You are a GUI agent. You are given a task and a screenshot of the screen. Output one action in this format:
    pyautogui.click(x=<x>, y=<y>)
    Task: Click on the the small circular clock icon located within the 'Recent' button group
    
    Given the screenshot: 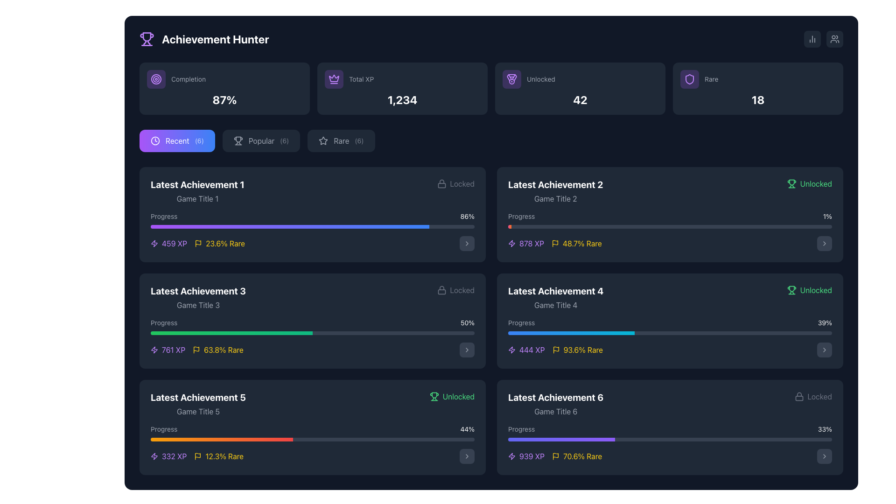 What is the action you would take?
    pyautogui.click(x=155, y=140)
    